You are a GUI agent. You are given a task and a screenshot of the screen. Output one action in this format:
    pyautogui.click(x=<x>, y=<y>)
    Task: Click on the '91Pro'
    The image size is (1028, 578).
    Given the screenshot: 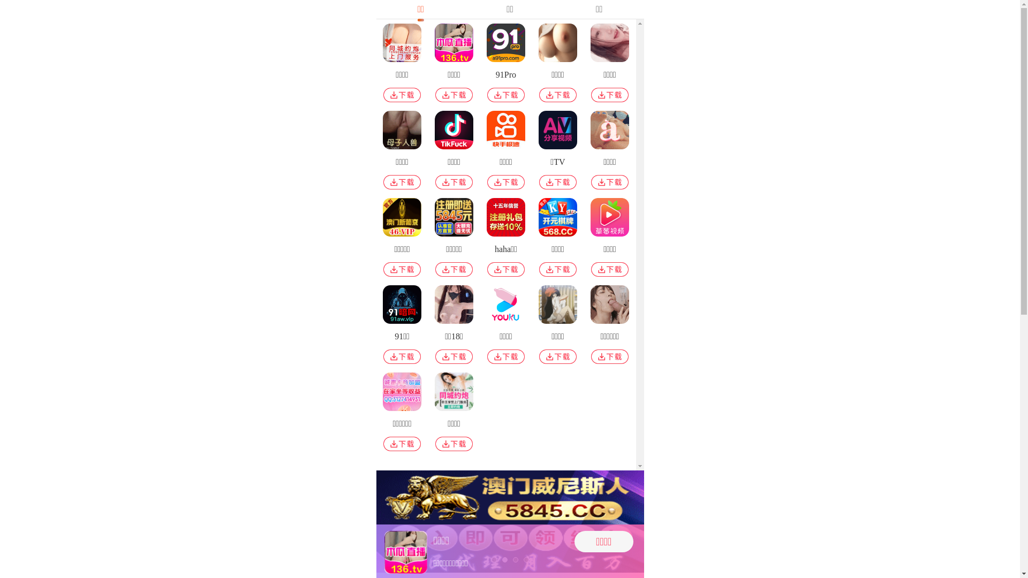 What is the action you would take?
    pyautogui.click(x=505, y=65)
    